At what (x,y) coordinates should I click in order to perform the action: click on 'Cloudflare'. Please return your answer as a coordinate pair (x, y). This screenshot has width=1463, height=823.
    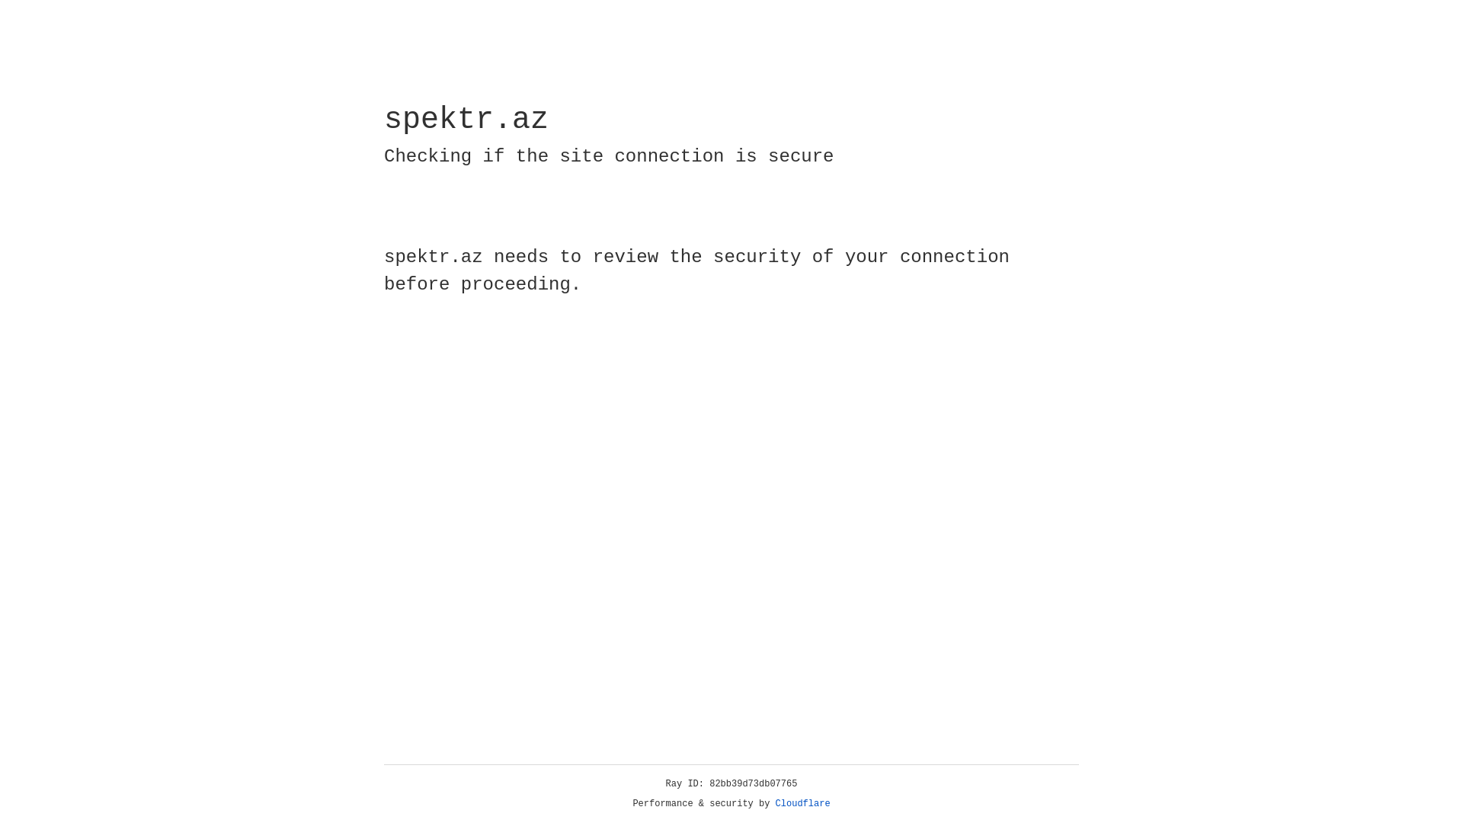
    Looking at the image, I should click on (802, 803).